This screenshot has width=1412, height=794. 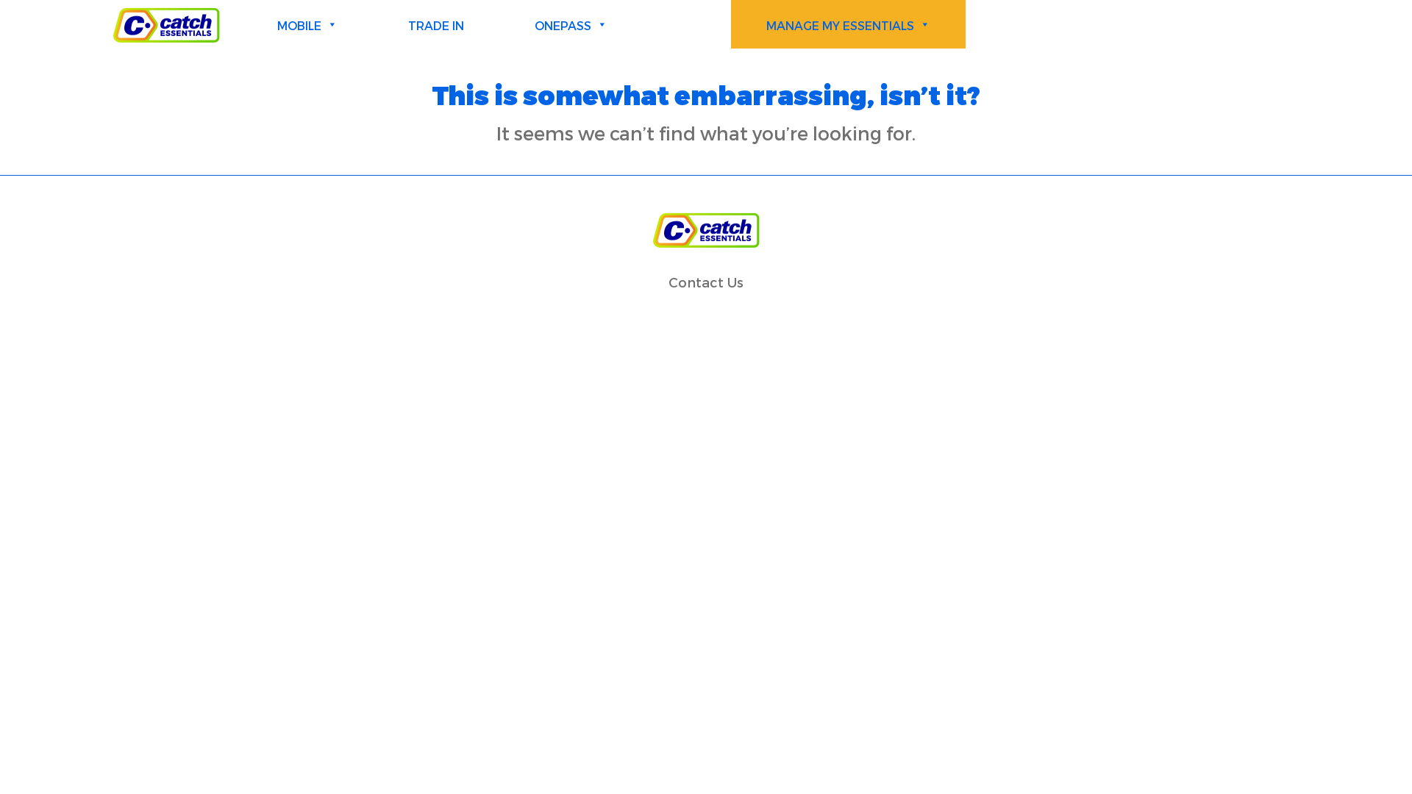 What do you see at coordinates (706, 282) in the screenshot?
I see `'Contact Us'` at bounding box center [706, 282].